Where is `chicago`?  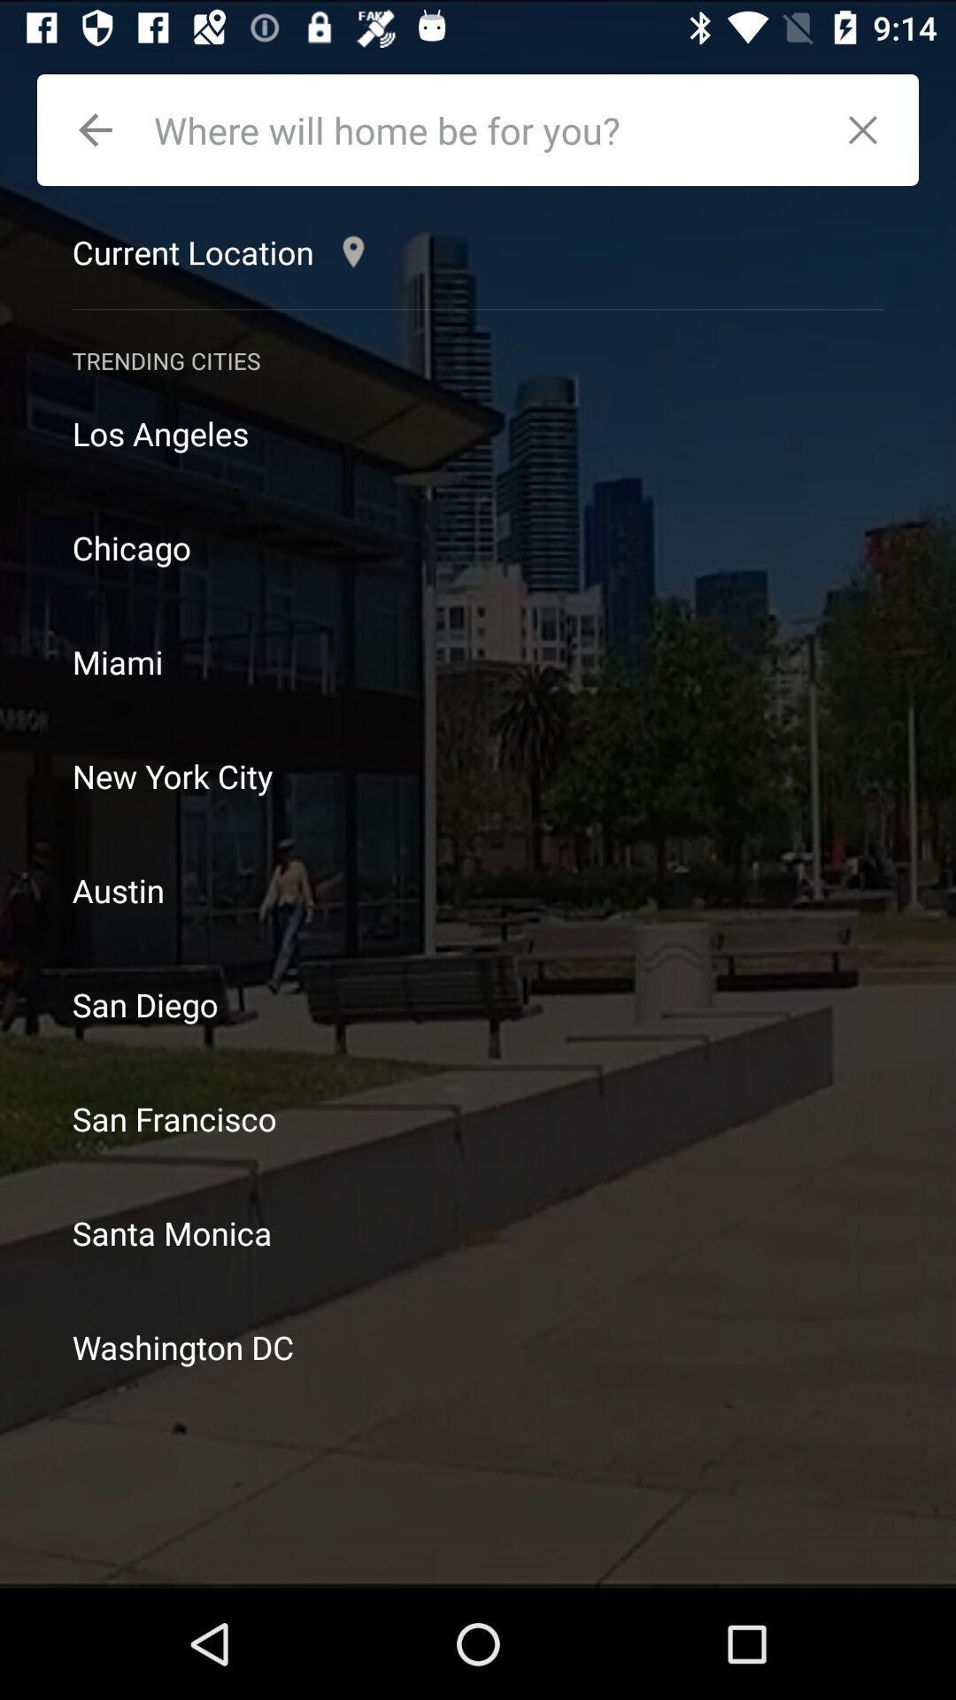
chicago is located at coordinates (478, 546).